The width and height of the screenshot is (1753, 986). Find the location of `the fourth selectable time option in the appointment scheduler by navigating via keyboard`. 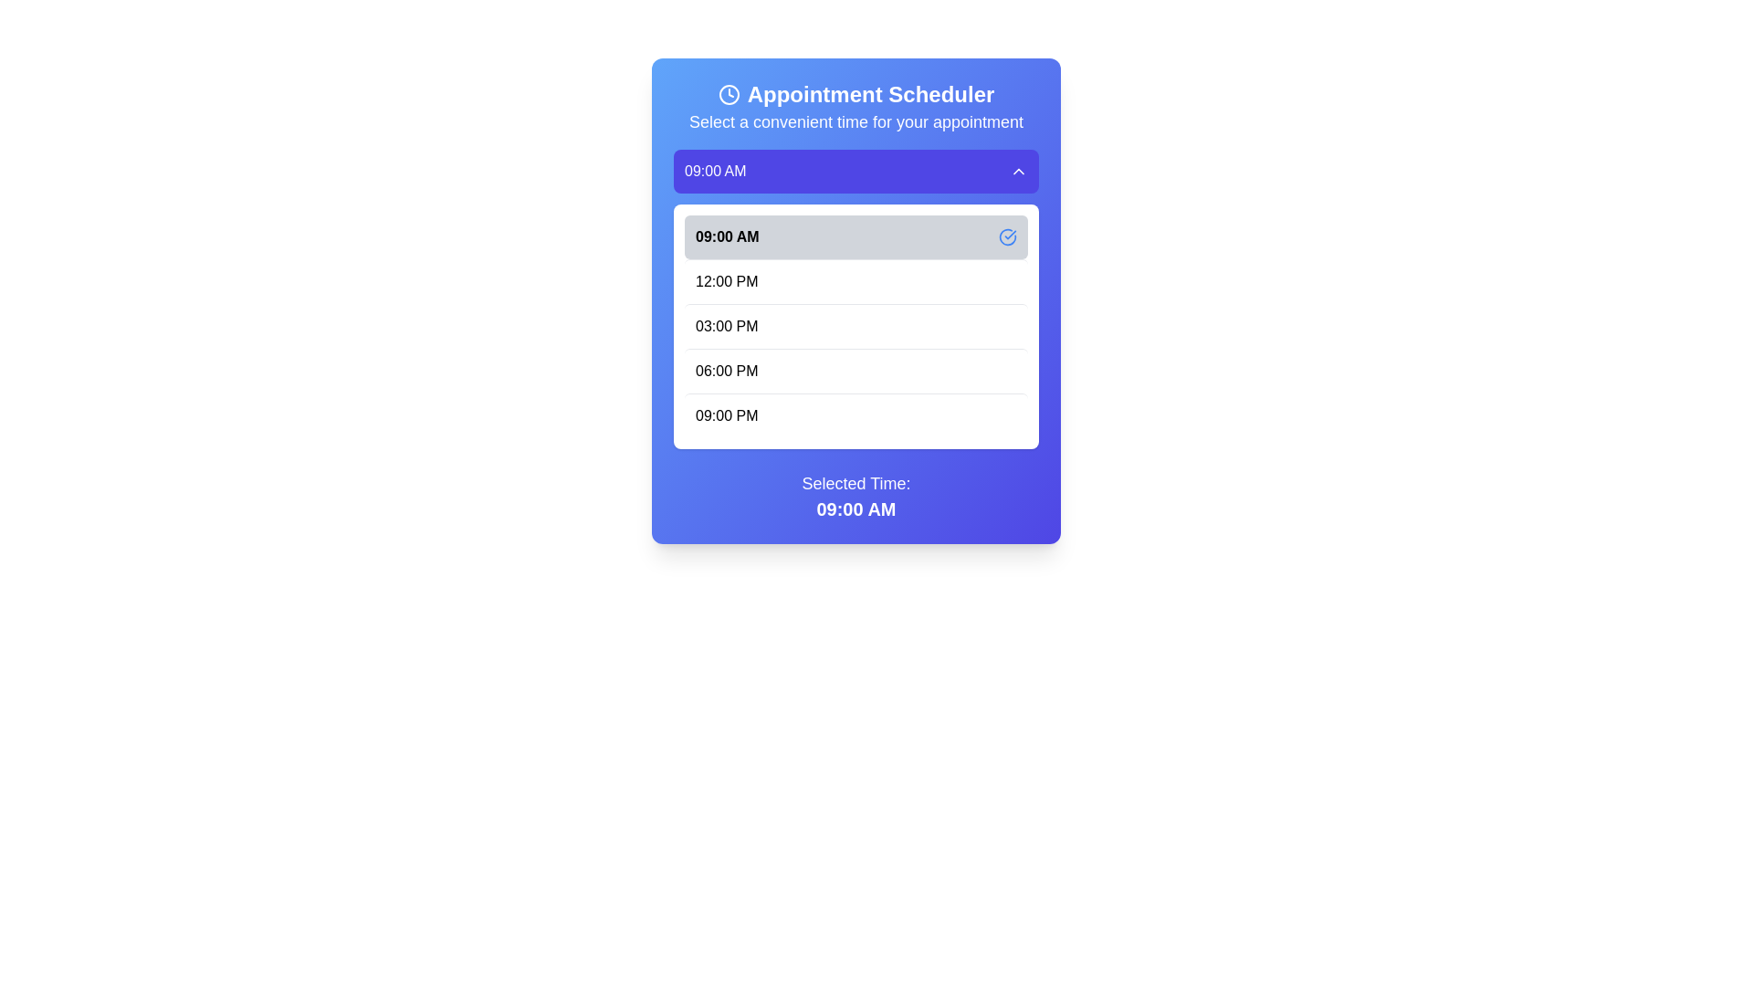

the fourth selectable time option in the appointment scheduler by navigating via keyboard is located at coordinates (855, 370).